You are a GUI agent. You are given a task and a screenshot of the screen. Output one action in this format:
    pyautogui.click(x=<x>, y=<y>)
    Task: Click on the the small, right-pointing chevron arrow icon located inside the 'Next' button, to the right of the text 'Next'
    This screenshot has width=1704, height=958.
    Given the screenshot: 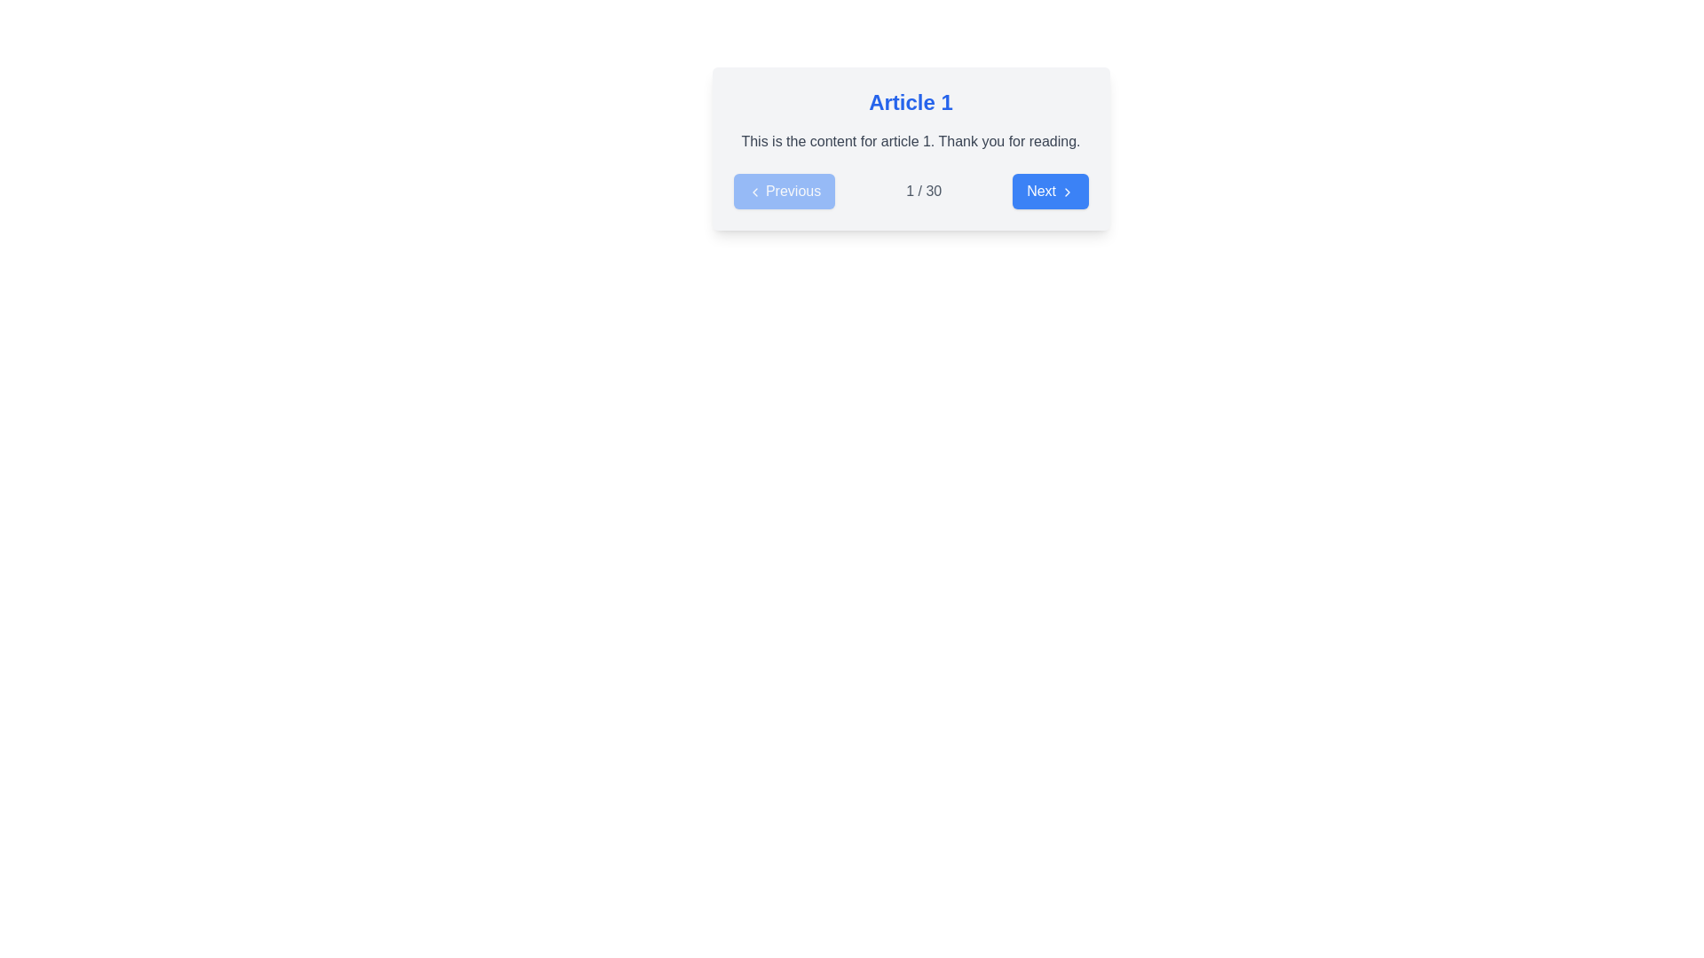 What is the action you would take?
    pyautogui.click(x=1066, y=192)
    